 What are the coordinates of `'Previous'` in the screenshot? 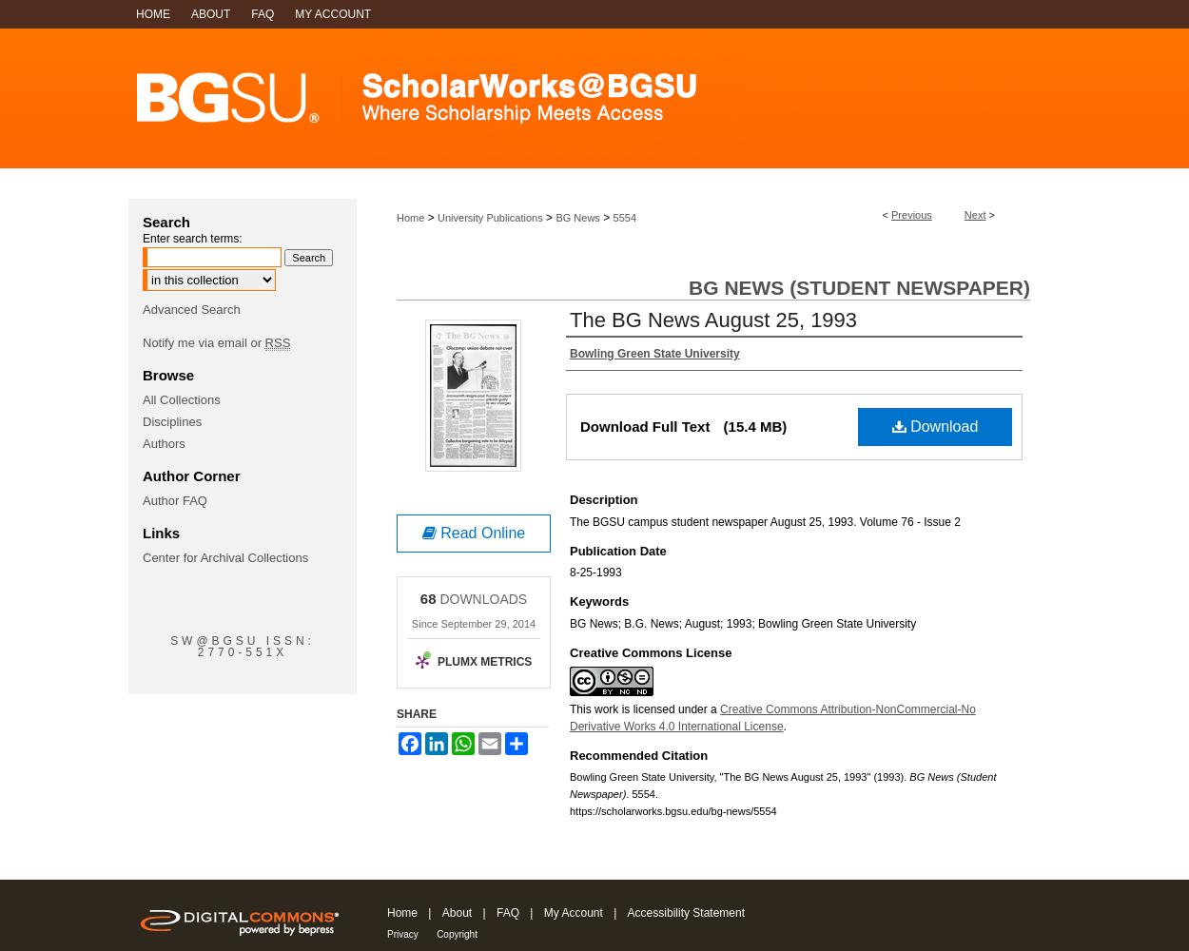 It's located at (910, 214).